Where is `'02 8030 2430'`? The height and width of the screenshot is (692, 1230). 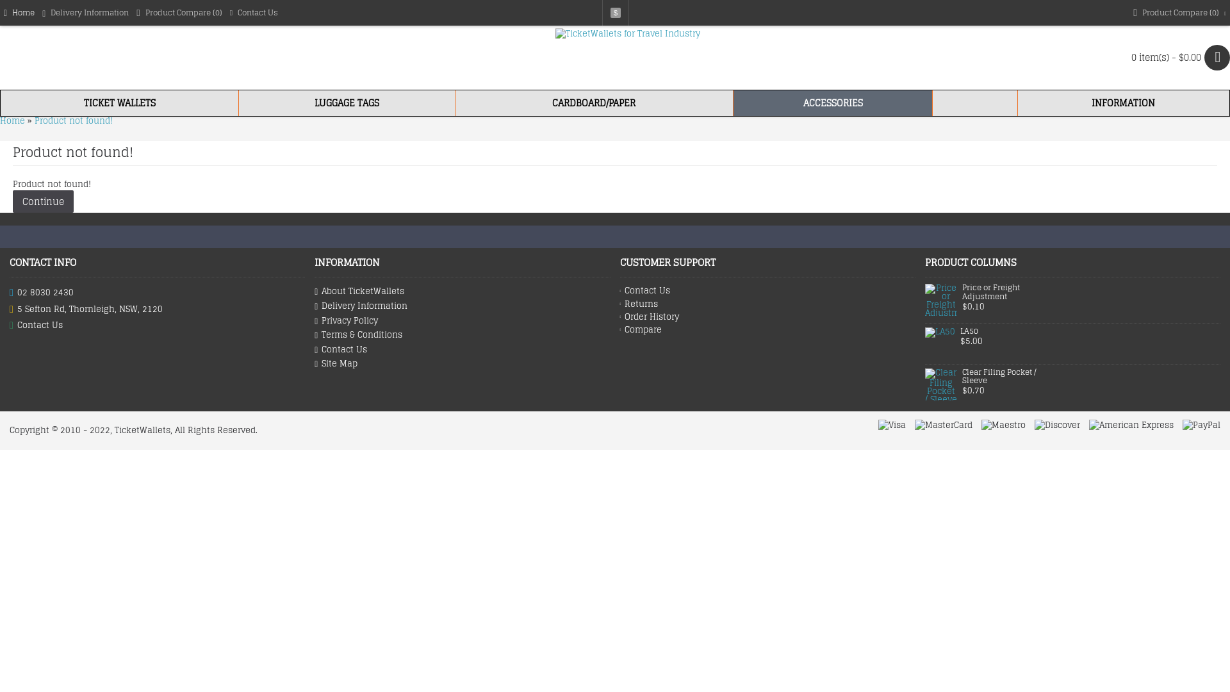
'02 8030 2430' is located at coordinates (156, 292).